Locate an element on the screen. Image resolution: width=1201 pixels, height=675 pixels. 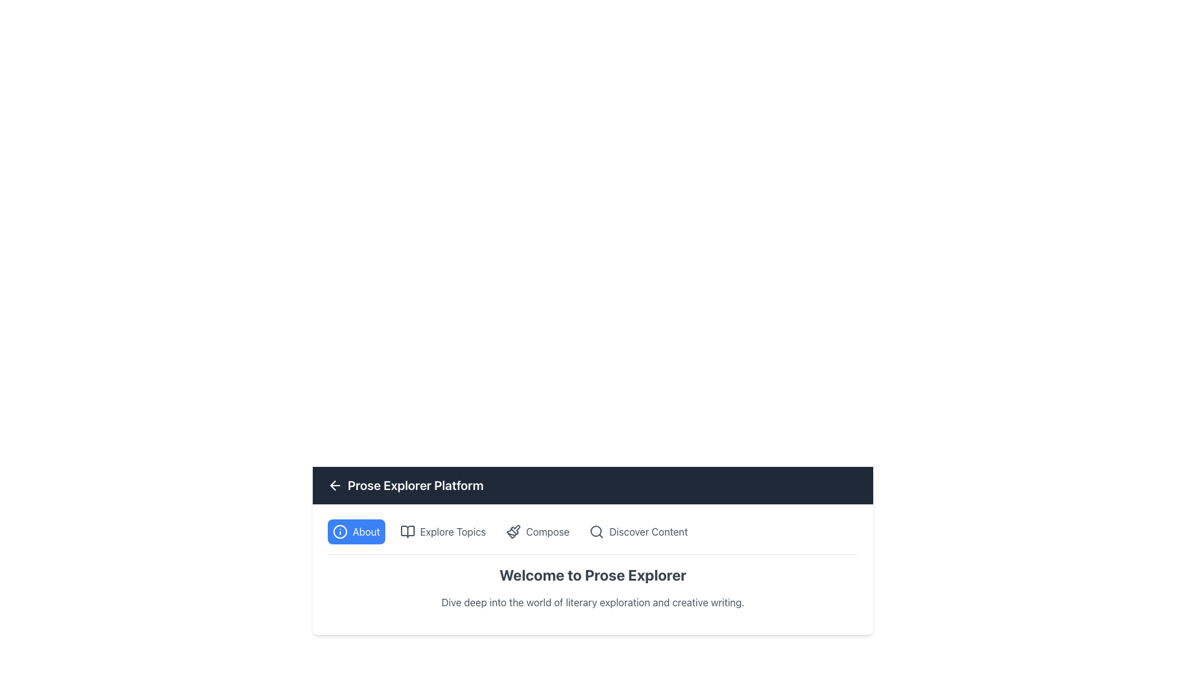
the 'Discover Content' text label located in the upper-right area of the navigation bar is located at coordinates (648, 532).